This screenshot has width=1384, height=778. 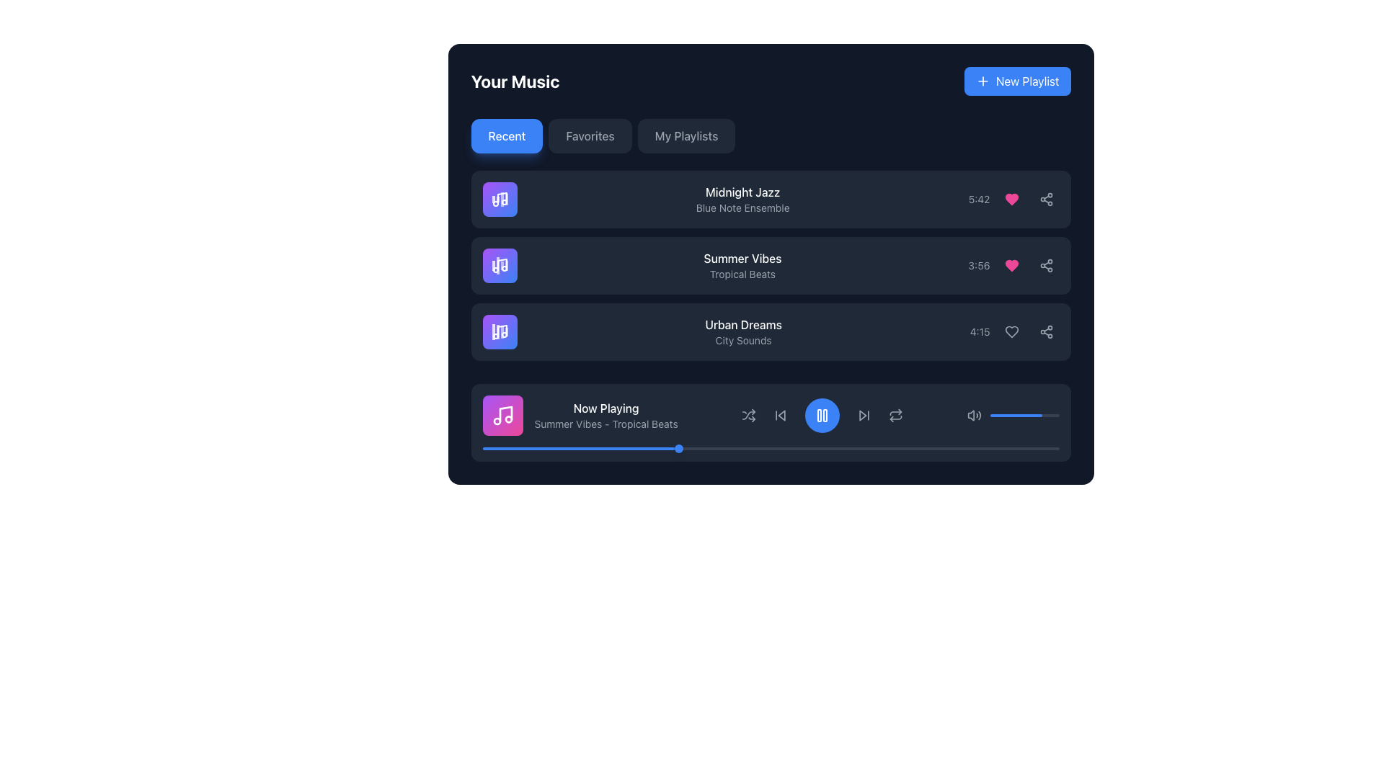 I want to click on the share icon button located at the rightmost side of the list item row for the track 'Urban Dreams', so click(x=1046, y=332).